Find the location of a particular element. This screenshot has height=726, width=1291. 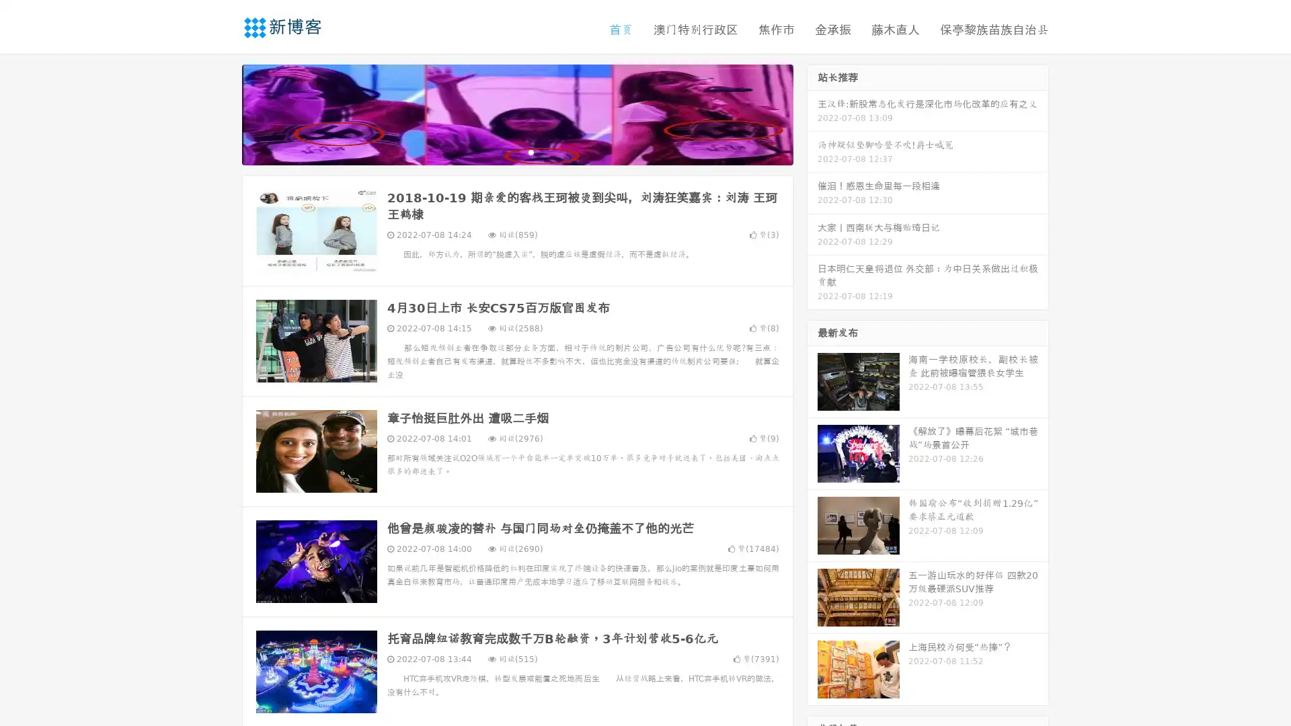

Next slide is located at coordinates (812, 113).